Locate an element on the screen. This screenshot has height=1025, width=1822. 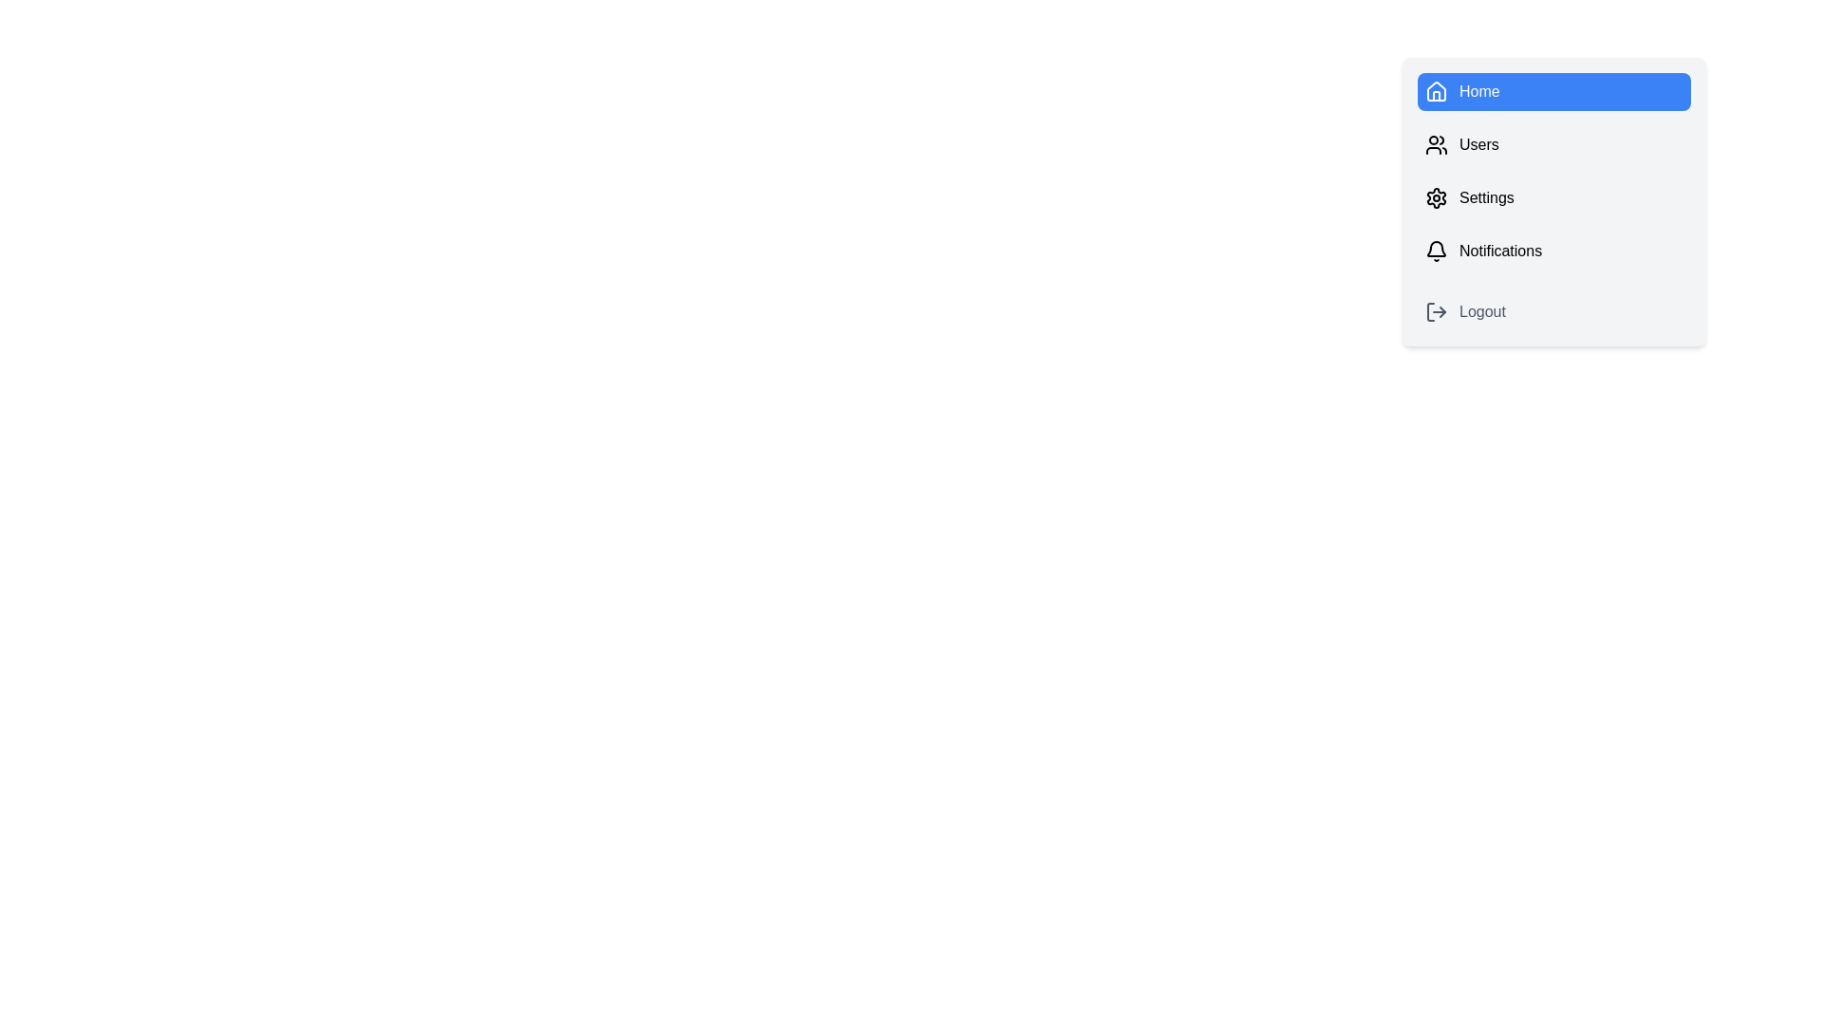
the bell-shaped notification icon with a black outline, located to the left of the 'Notifications' text in the fourth menu option is located at coordinates (1436, 251).